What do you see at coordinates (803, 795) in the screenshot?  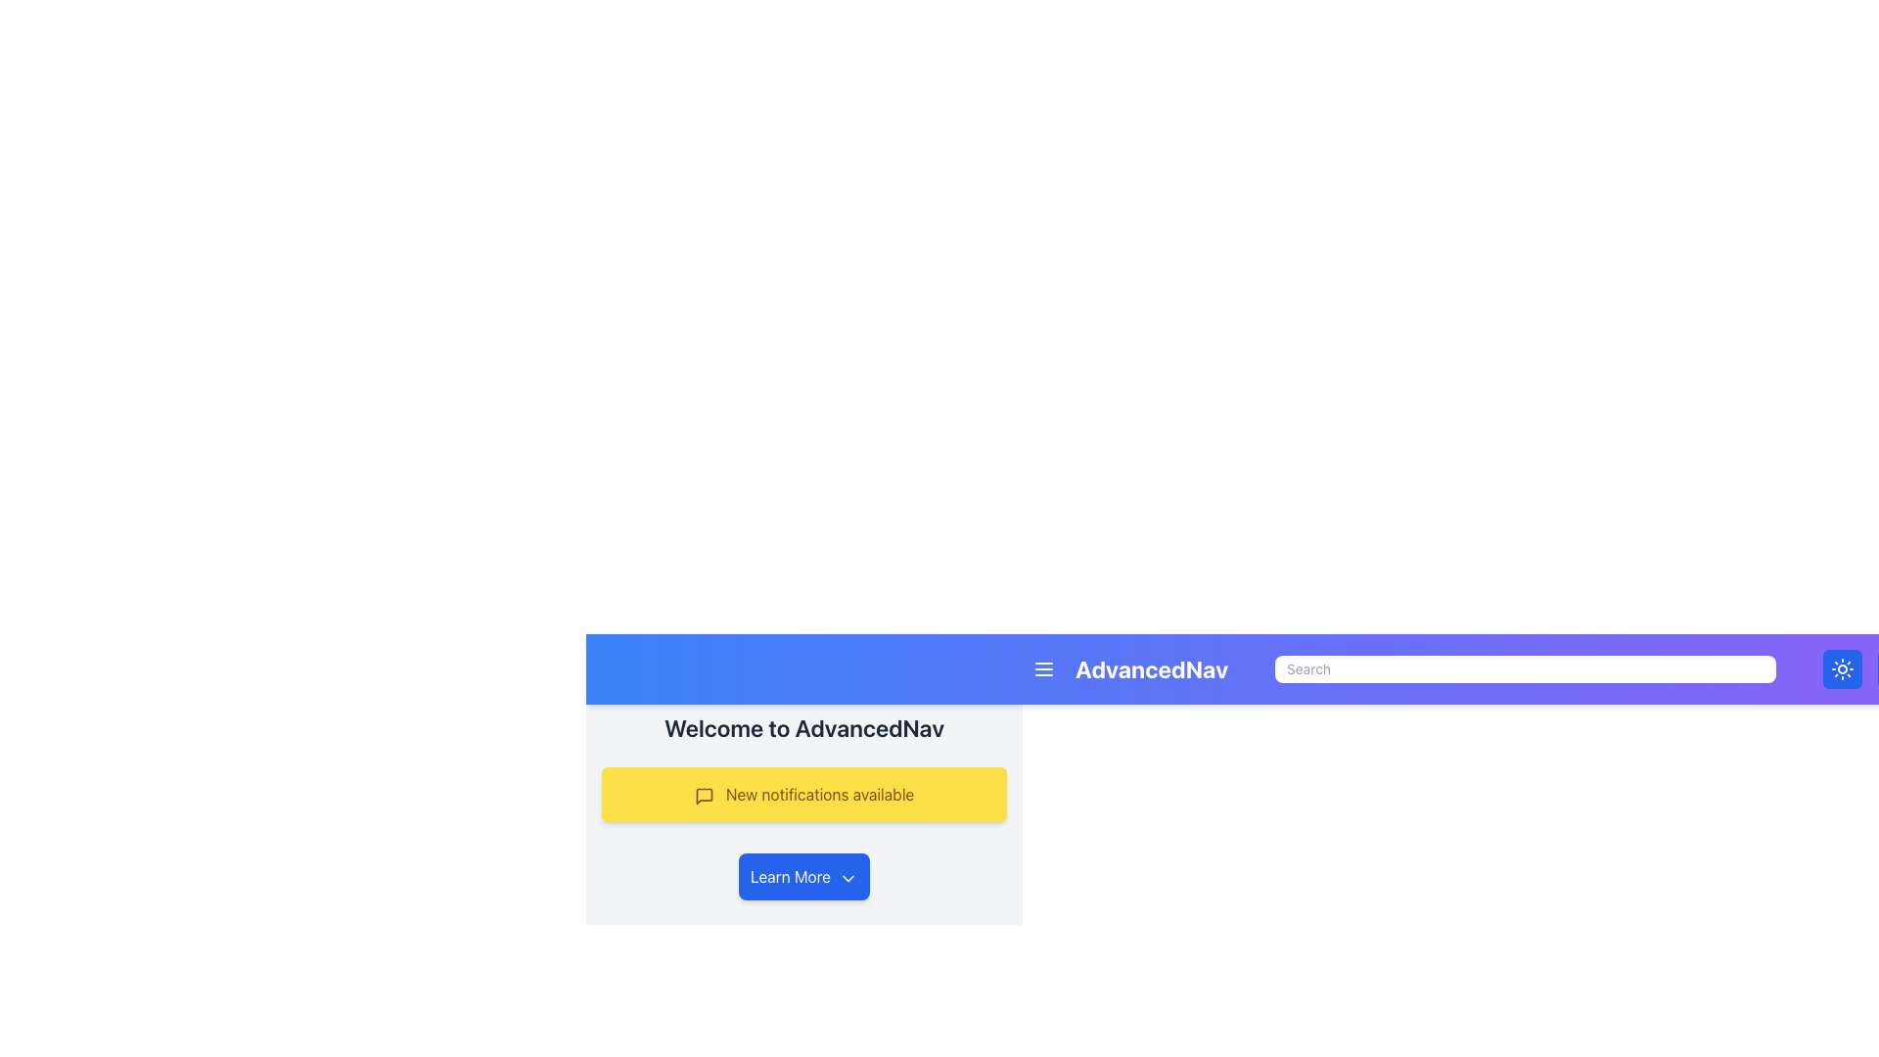 I see `the Notification Box with a yellow background and the text 'New notifications available.' positioned below 'Welcome to AdvancedNav'` at bounding box center [803, 795].